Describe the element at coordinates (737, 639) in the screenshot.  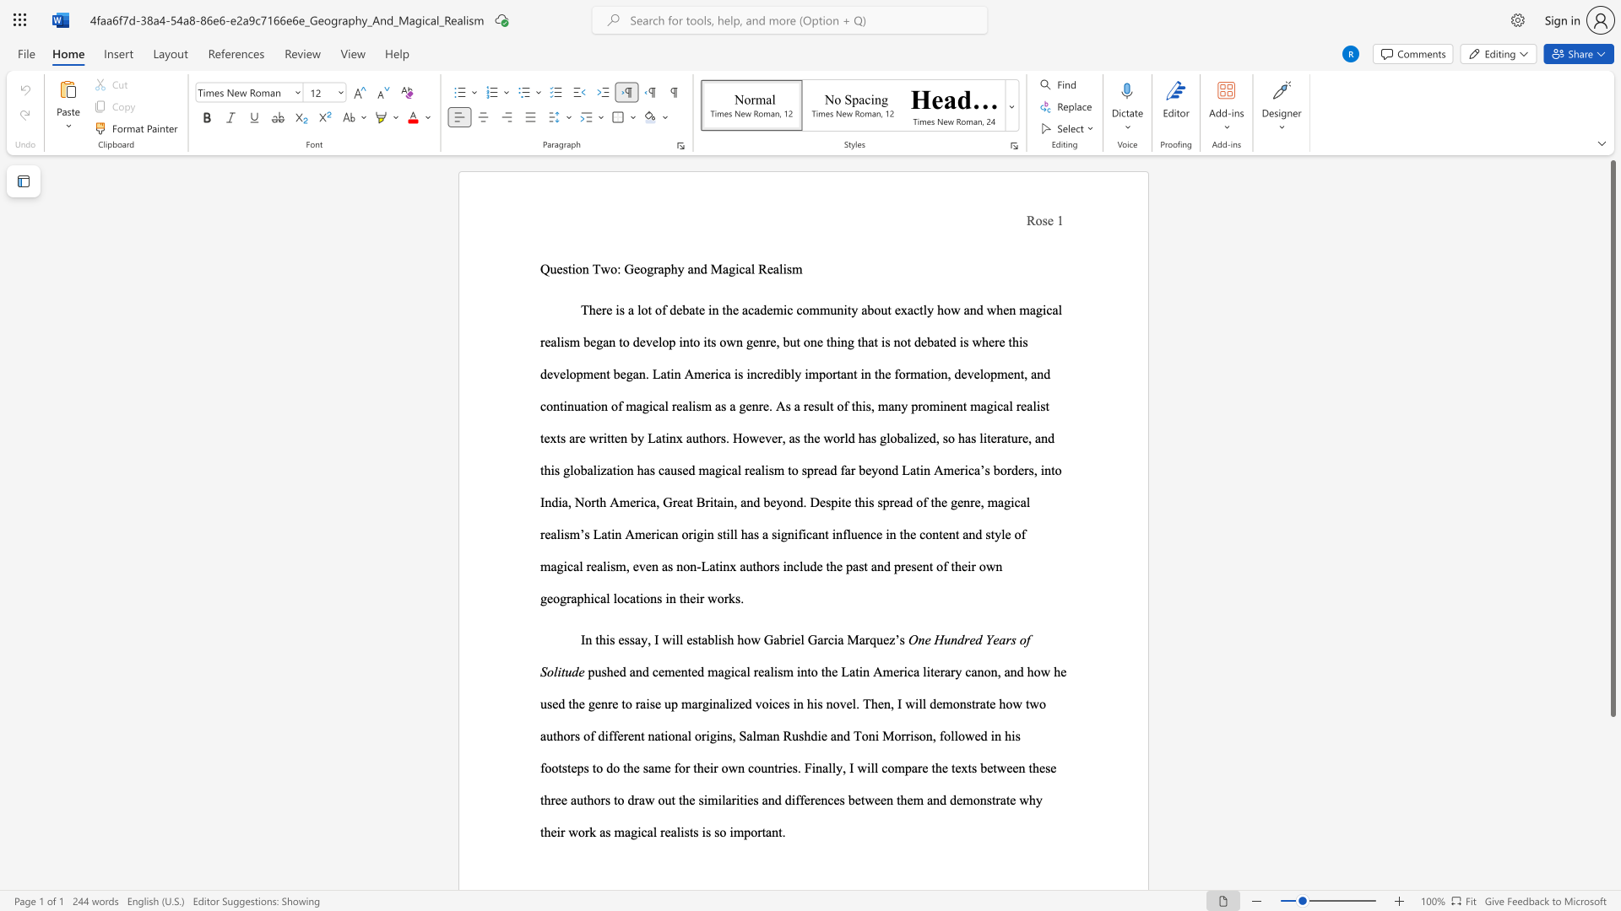
I see `the subset text "how Gabriel Garcia Marq" within the text "how Gabriel Garcia Marquez’s"` at that location.